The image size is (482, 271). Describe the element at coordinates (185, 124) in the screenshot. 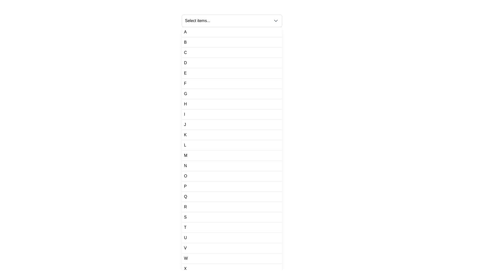

I see `the tenth item in the selectable list` at that location.